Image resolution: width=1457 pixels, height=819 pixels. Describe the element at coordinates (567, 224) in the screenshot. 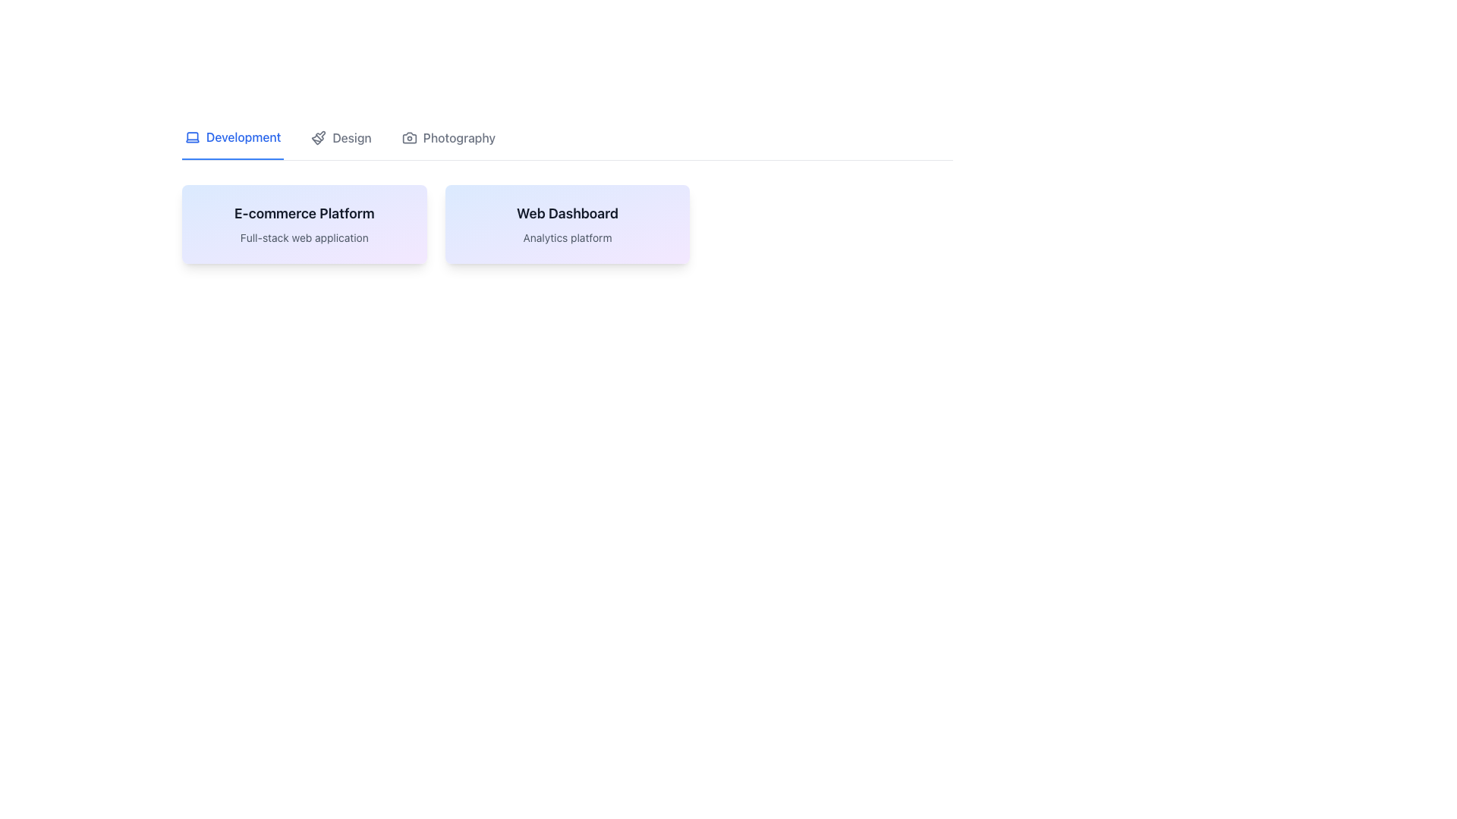

I see `the 'Web Dashboard' card element, which is the second card in a grid layout representing an analytics platform feature` at that location.